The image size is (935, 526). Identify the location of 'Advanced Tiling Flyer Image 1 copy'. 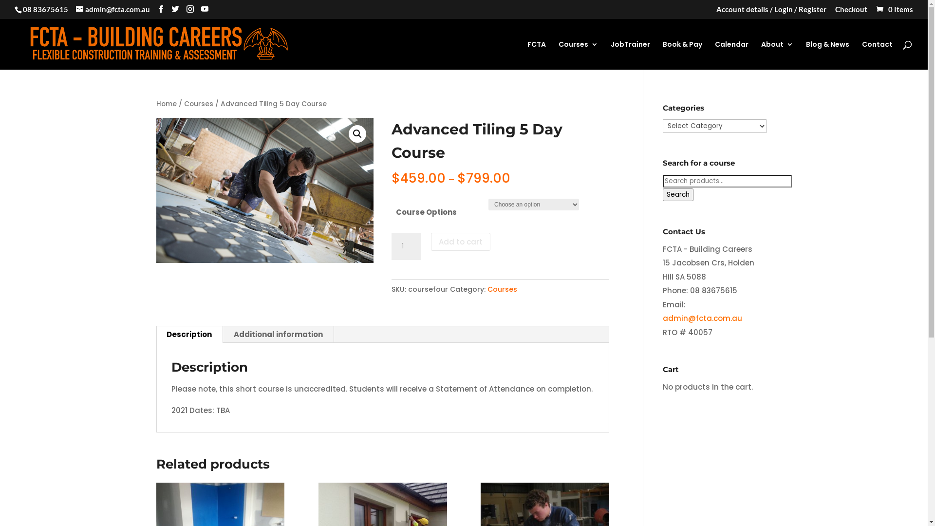
(264, 190).